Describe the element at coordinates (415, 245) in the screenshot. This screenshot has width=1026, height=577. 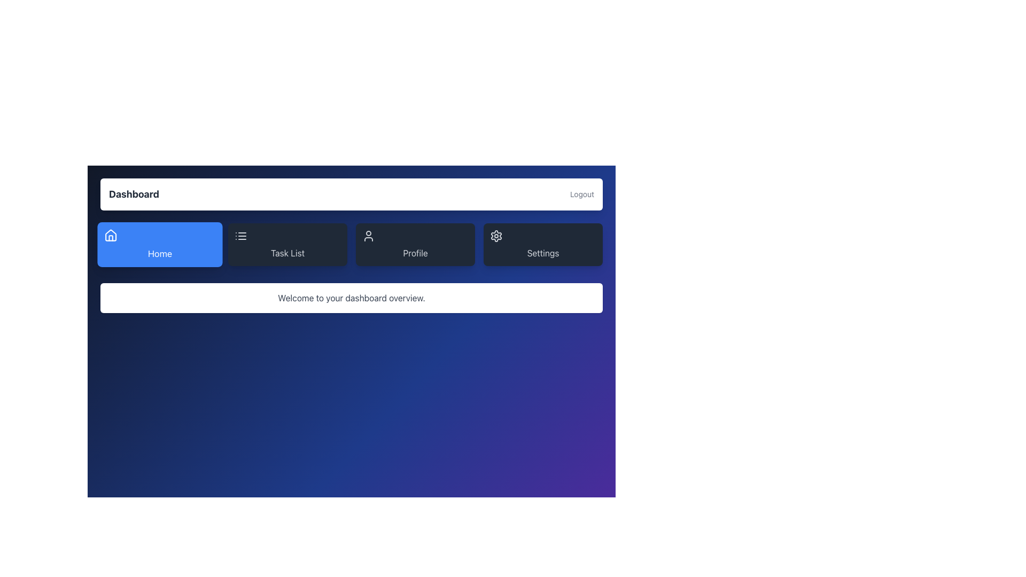
I see `the 'Profile' button, which has a dark gray background and light gray text, to trigger its hover effects` at that location.